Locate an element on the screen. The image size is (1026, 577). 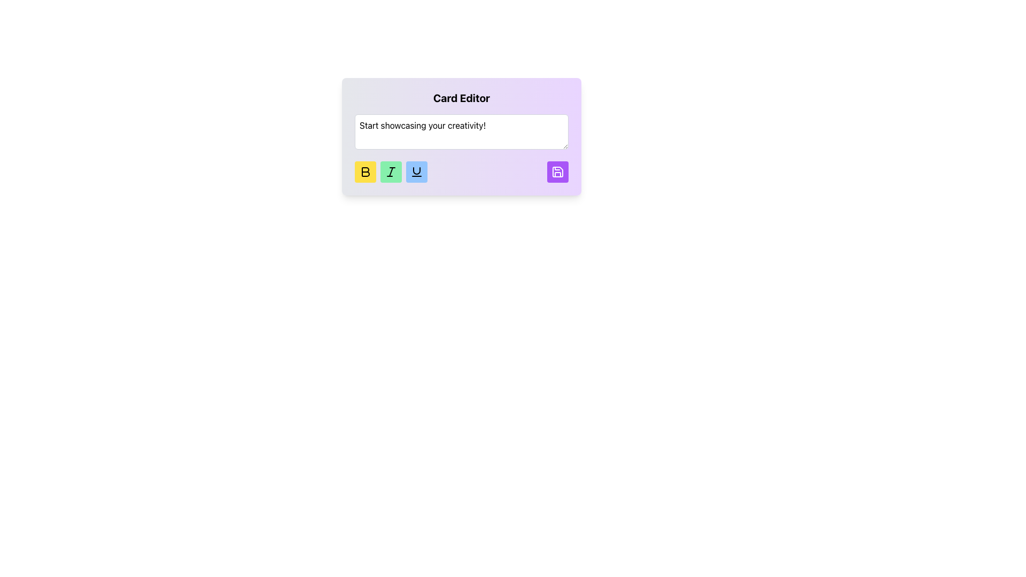
the bold icon depicted as the letter 'B' in a yellow square background to apply bold formatting in the Card Editor interface is located at coordinates (366, 171).